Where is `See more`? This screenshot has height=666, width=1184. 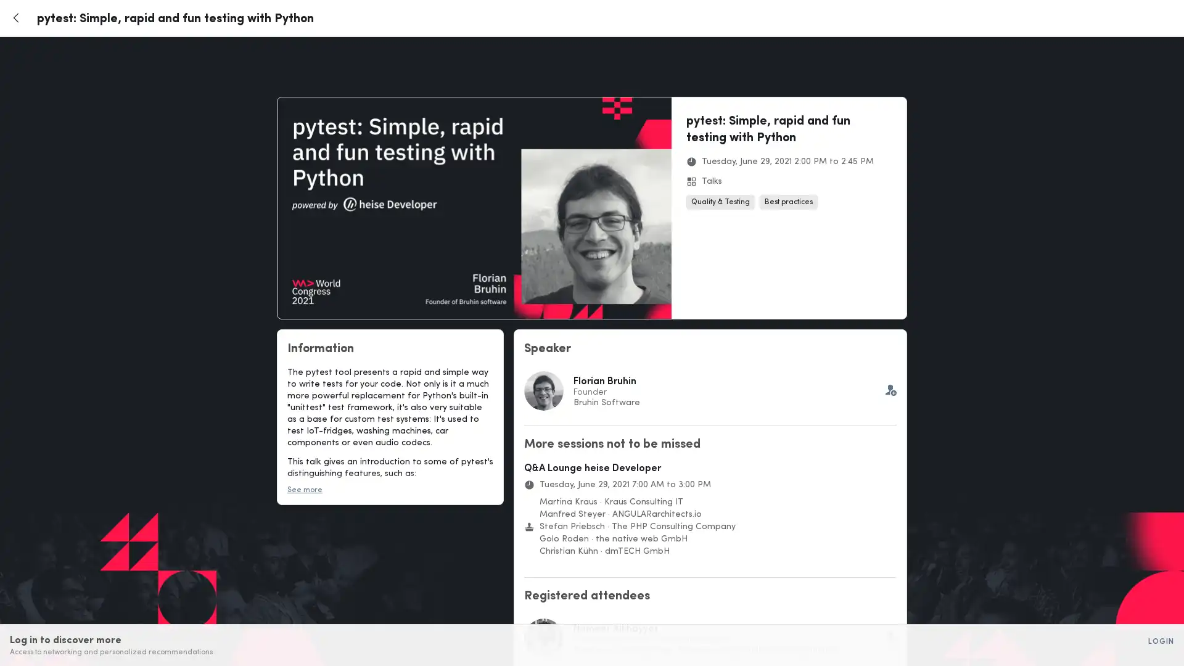
See more is located at coordinates (305, 474).